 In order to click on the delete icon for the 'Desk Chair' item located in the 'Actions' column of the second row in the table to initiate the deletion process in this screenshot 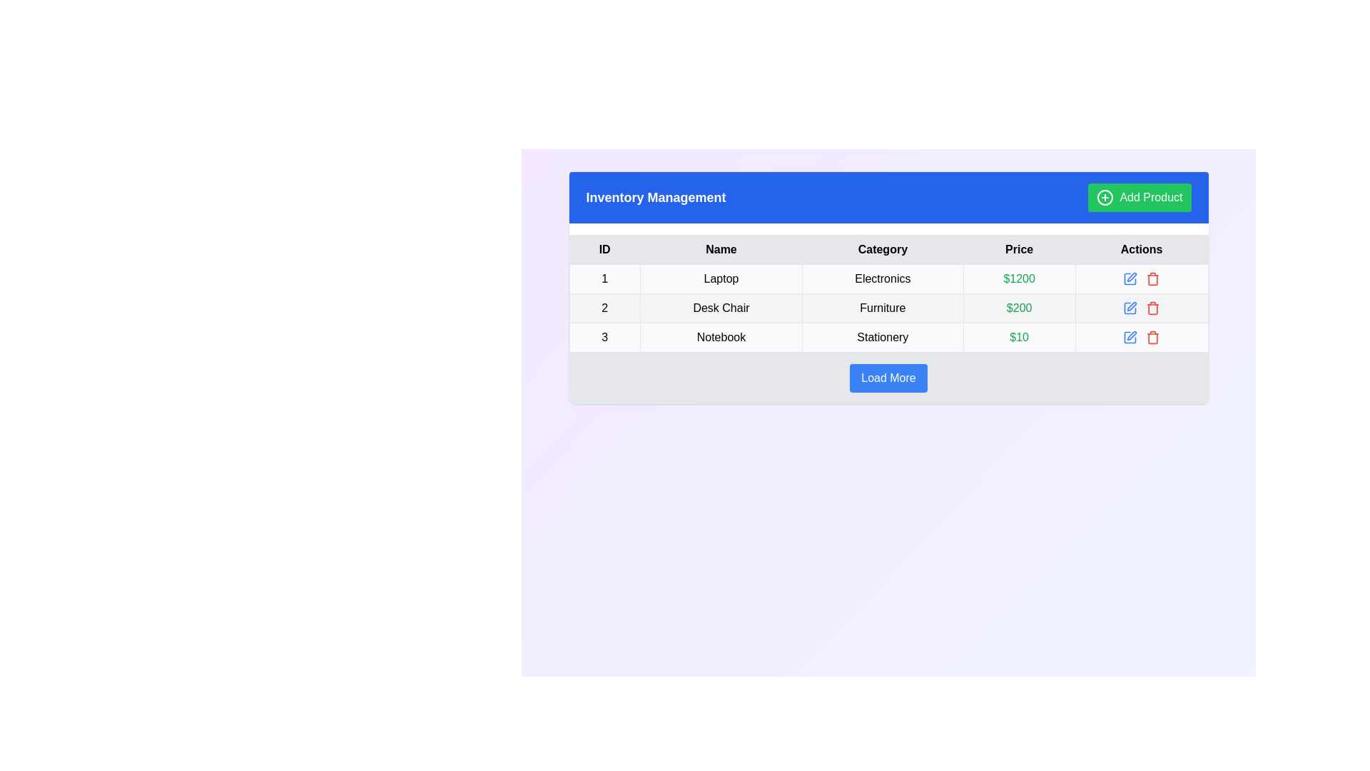, I will do `click(1153, 308)`.